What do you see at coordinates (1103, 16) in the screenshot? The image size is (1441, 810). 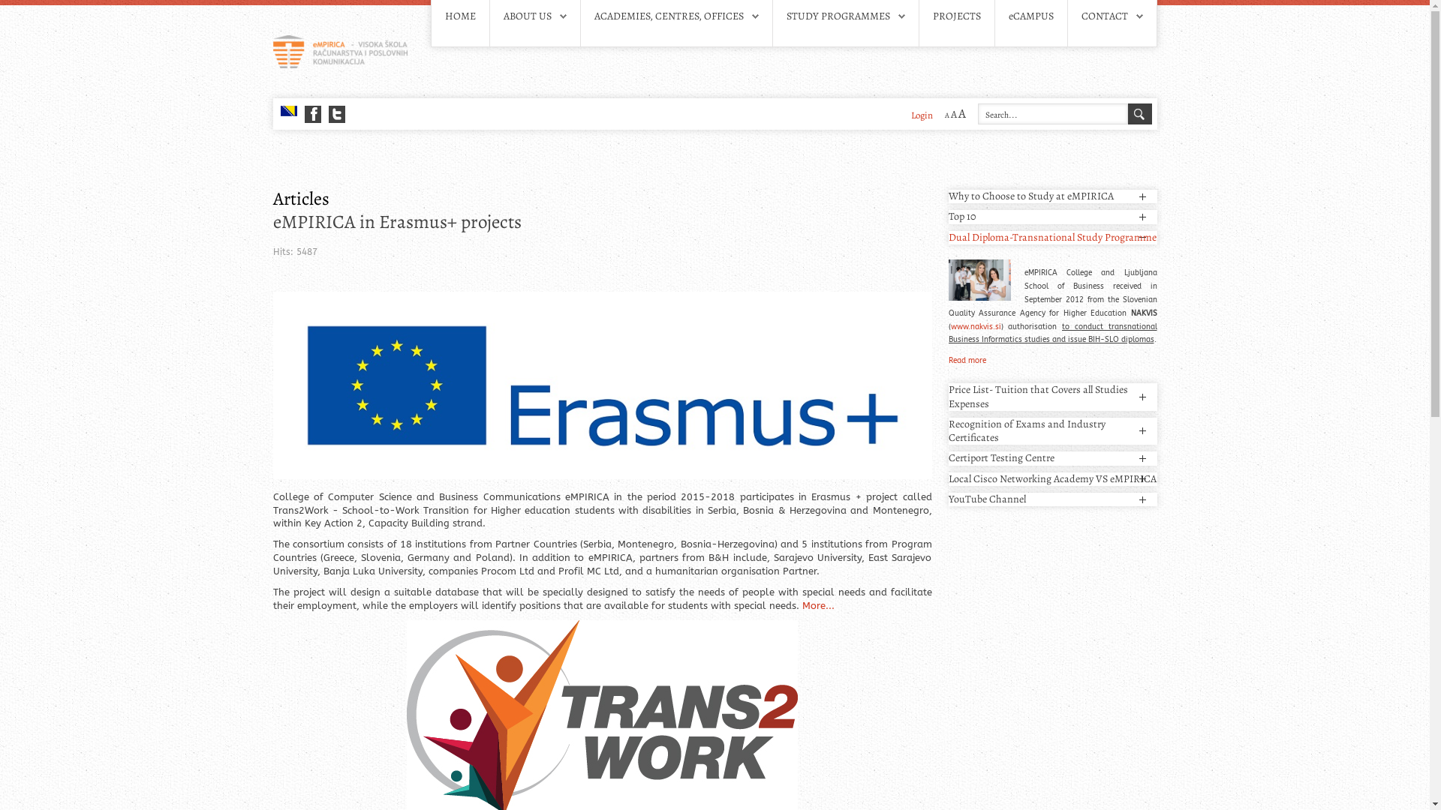 I see `'CONTACT'` at bounding box center [1103, 16].